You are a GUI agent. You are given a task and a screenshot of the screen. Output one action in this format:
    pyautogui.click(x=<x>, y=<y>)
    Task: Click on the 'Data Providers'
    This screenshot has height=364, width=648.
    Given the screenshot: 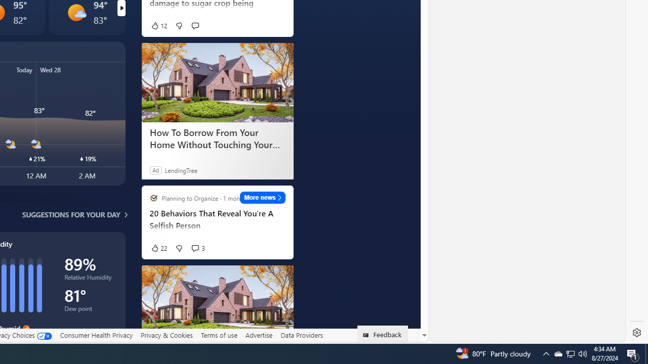 What is the action you would take?
    pyautogui.click(x=301, y=335)
    